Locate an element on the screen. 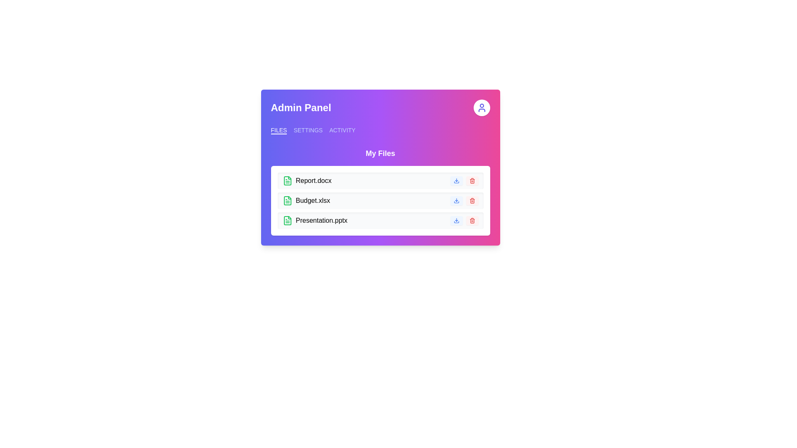  the download icon within the button associated with the file 'Budget.xlsx' to observe any hover effects is located at coordinates (456, 200).